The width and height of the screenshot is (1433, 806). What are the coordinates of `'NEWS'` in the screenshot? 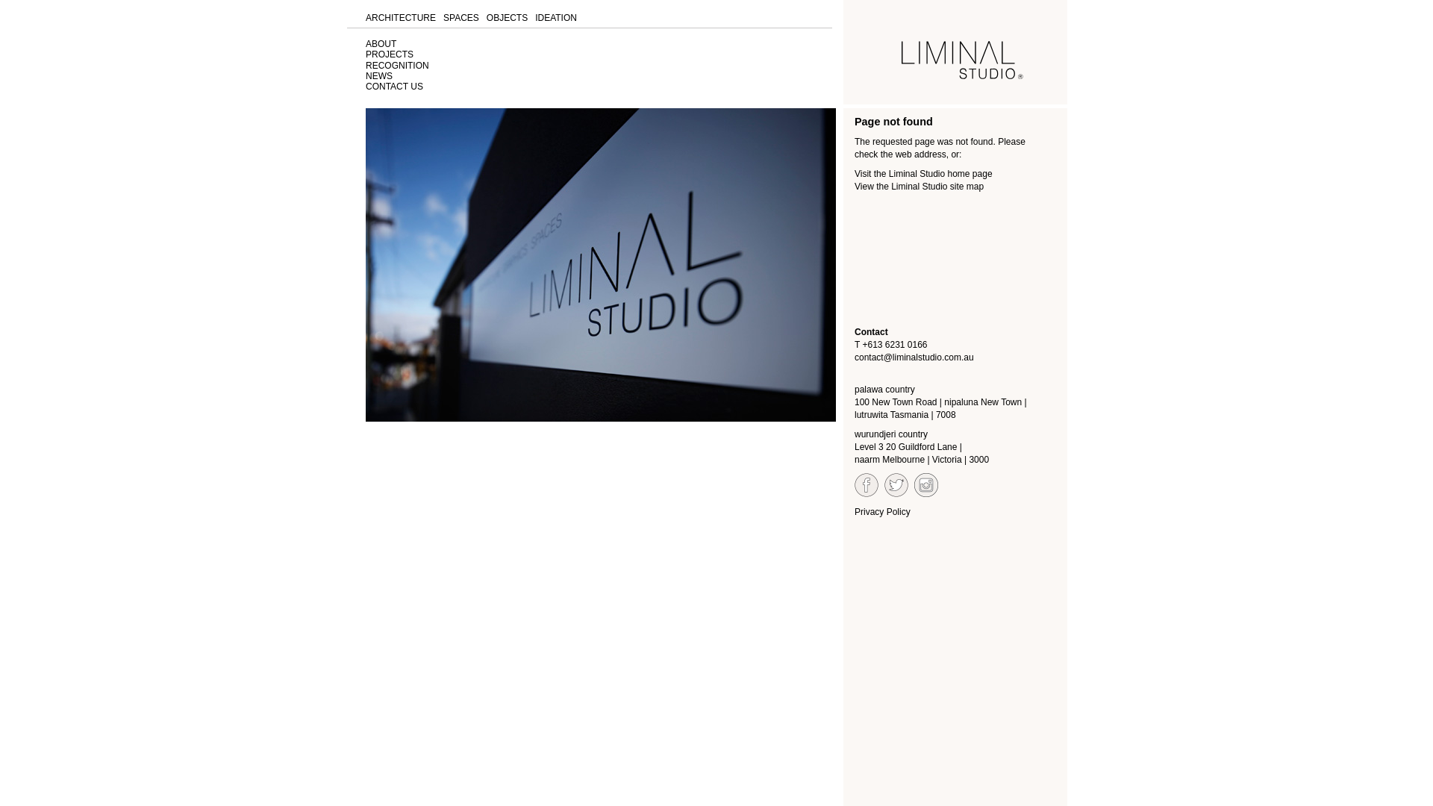 It's located at (379, 75).